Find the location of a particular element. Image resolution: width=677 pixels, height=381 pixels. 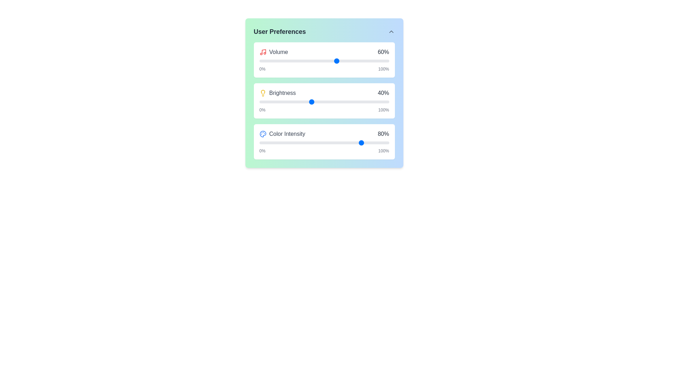

the volume is located at coordinates (350, 61).